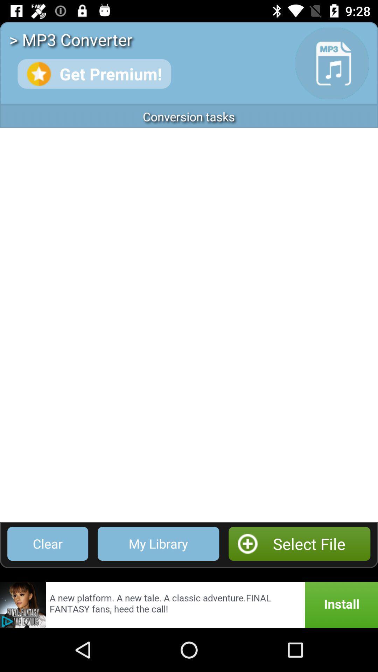 This screenshot has width=378, height=672. Describe the element at coordinates (158, 543) in the screenshot. I see `item to the right of clear icon` at that location.